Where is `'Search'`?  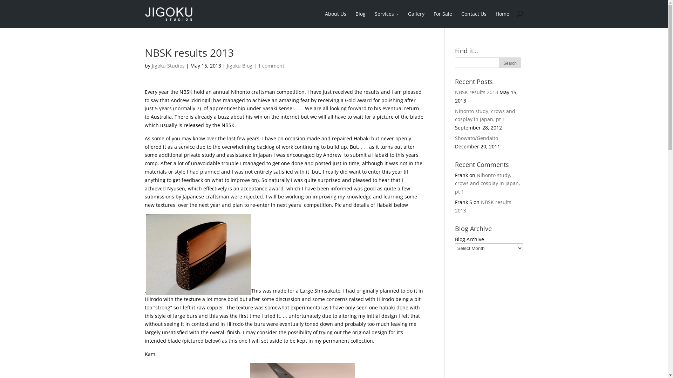 'Search' is located at coordinates (510, 62).